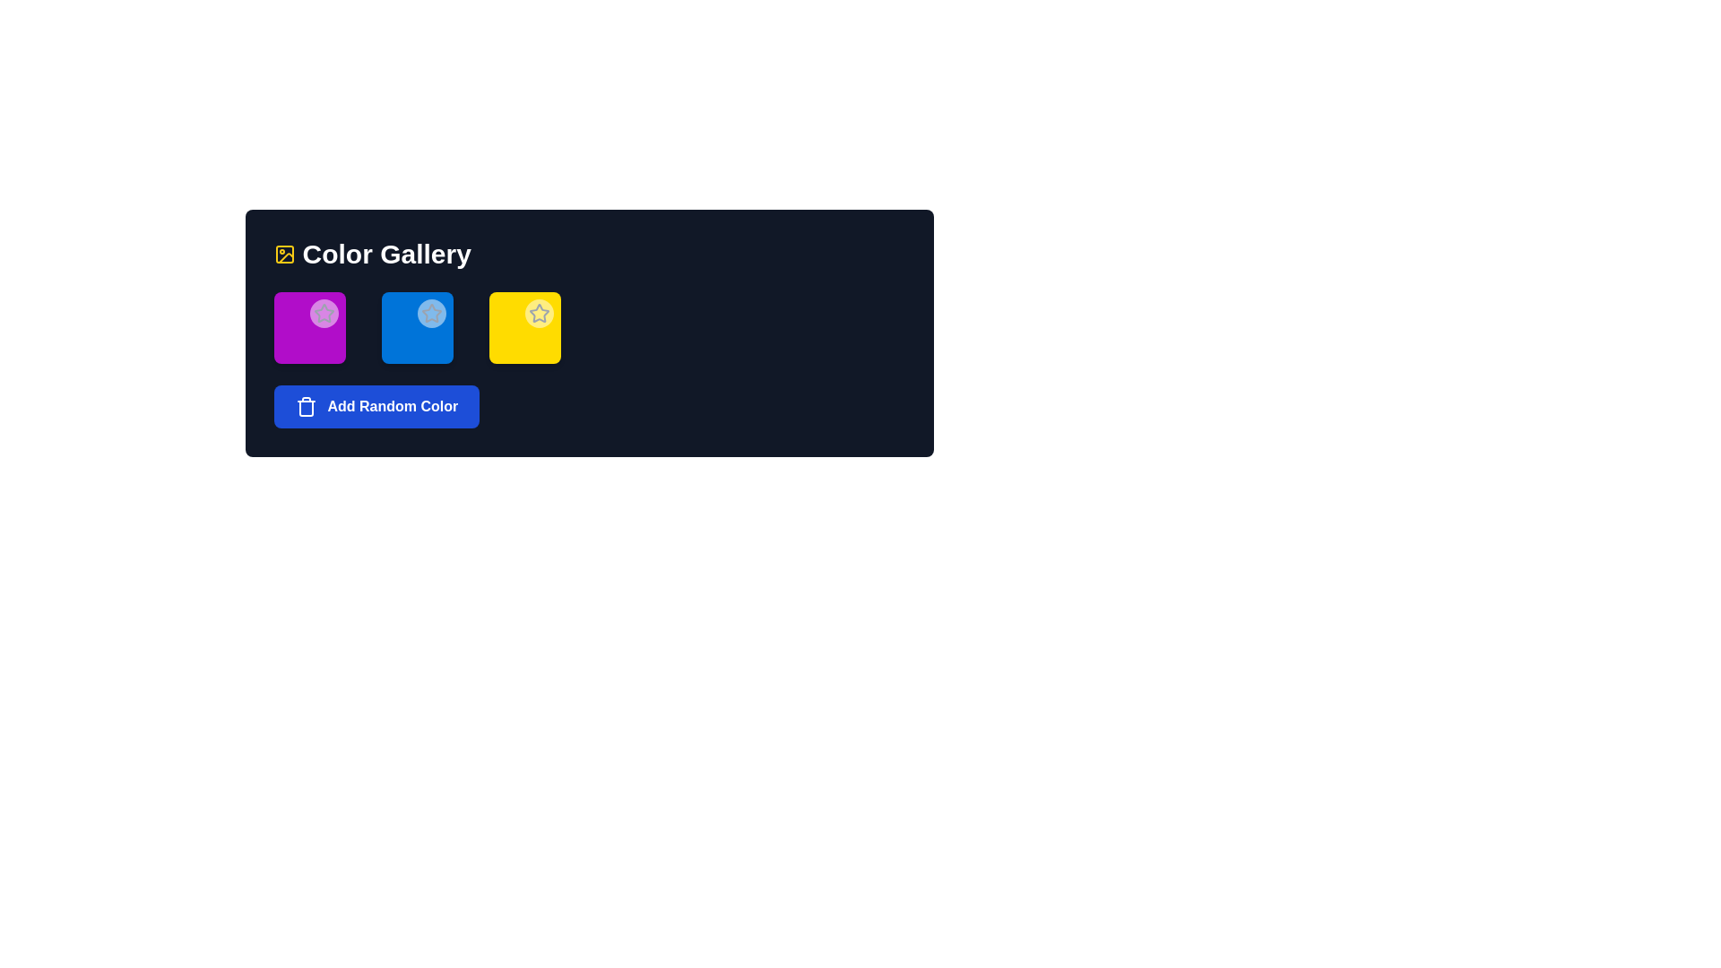 The height and width of the screenshot is (968, 1721). I want to click on the star-shaped icon with a gray outline in the top-right corner of the yellow box, so click(538, 313).